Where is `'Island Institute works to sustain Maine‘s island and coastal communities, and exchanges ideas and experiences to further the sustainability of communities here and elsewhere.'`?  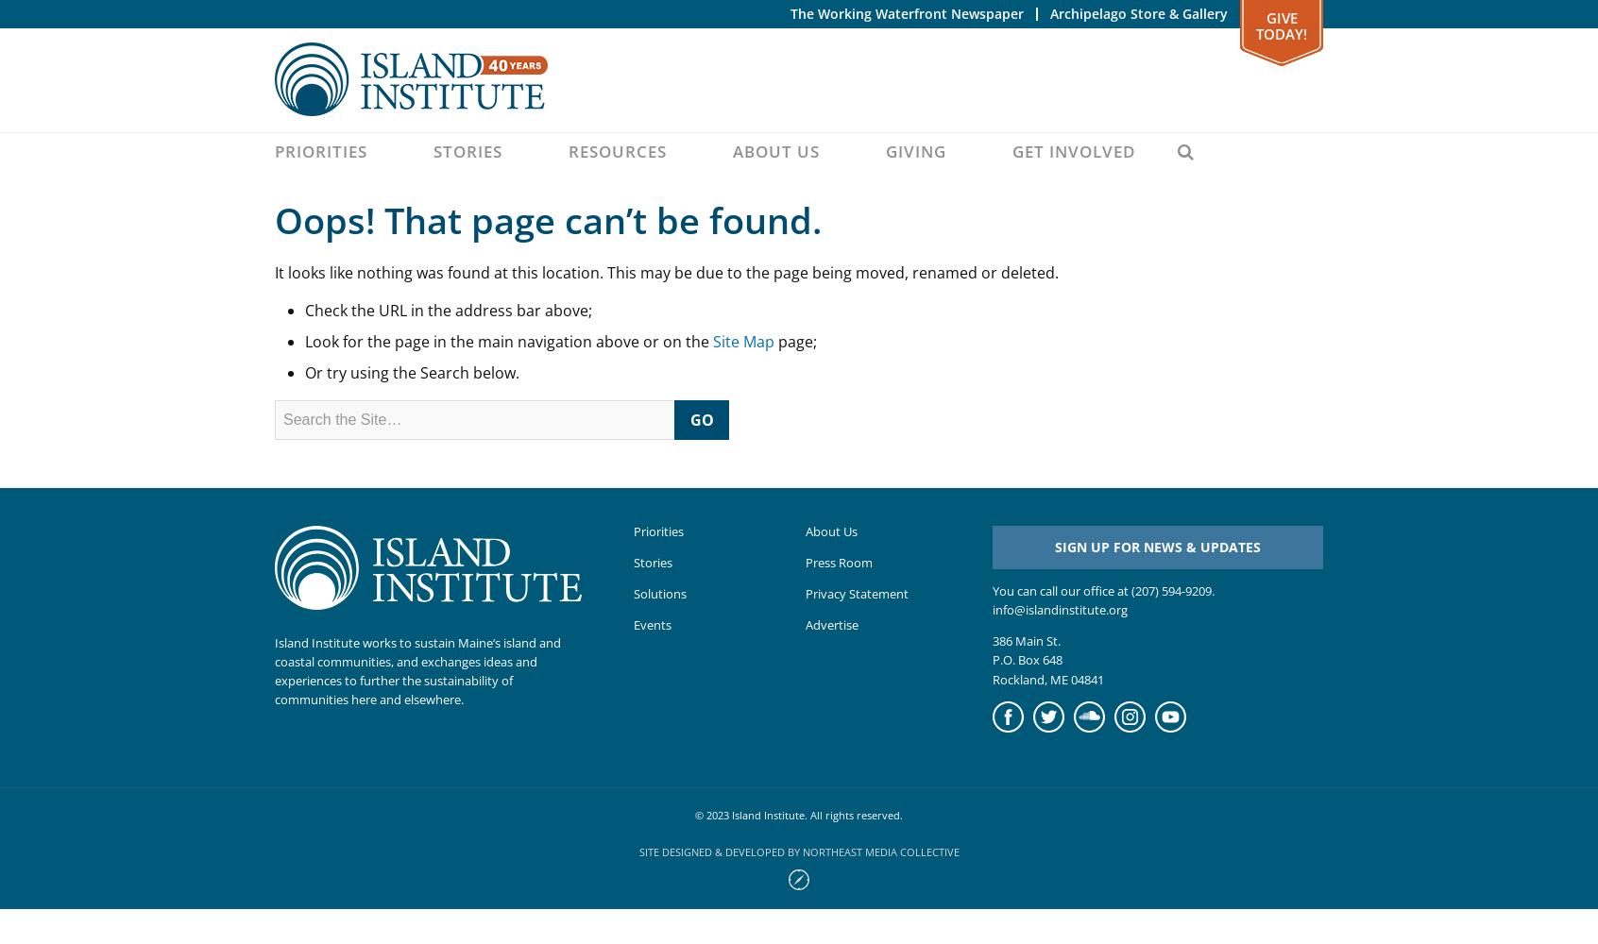
'Island Institute works to sustain Maine‘s island and coastal communities, and exchanges ideas and experiences to further the sustainability of communities here and elsewhere.' is located at coordinates (416, 669).